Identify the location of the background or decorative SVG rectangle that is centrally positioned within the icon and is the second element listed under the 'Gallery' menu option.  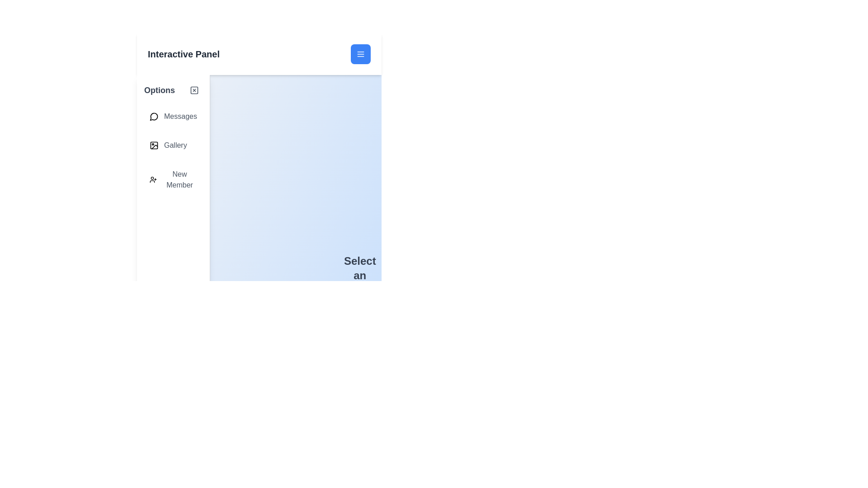
(154, 145).